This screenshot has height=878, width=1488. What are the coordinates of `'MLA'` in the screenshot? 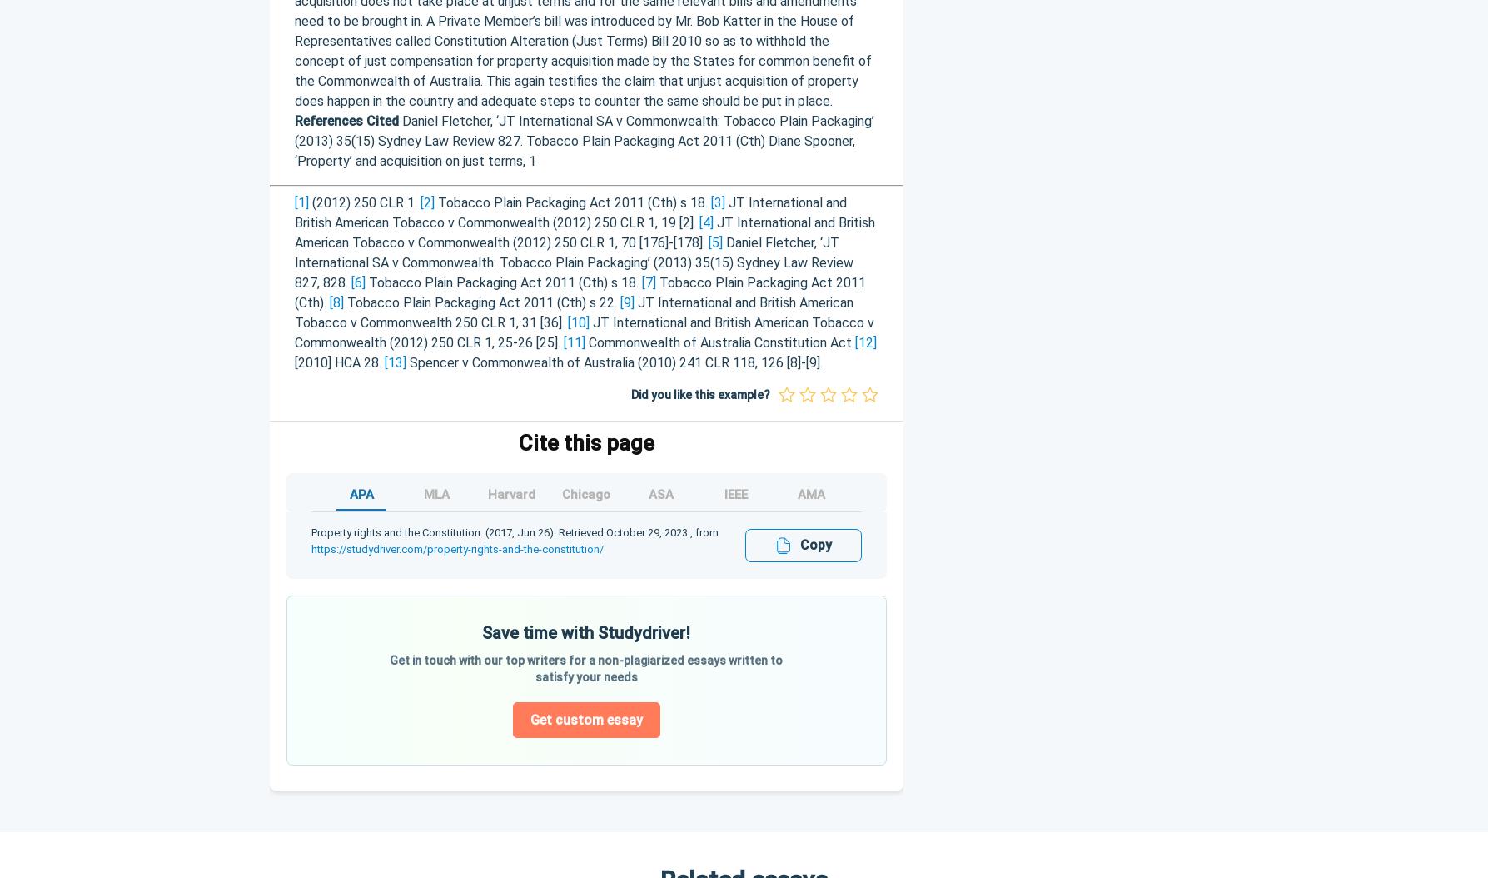 It's located at (435, 494).